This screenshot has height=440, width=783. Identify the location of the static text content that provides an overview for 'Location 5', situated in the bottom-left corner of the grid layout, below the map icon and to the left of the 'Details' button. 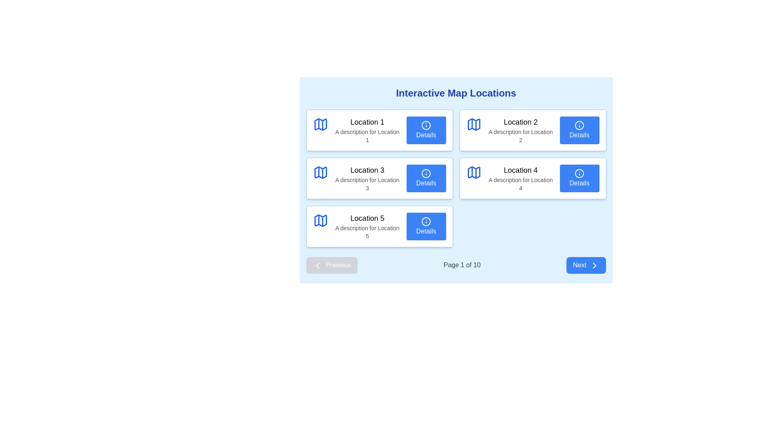
(367, 226).